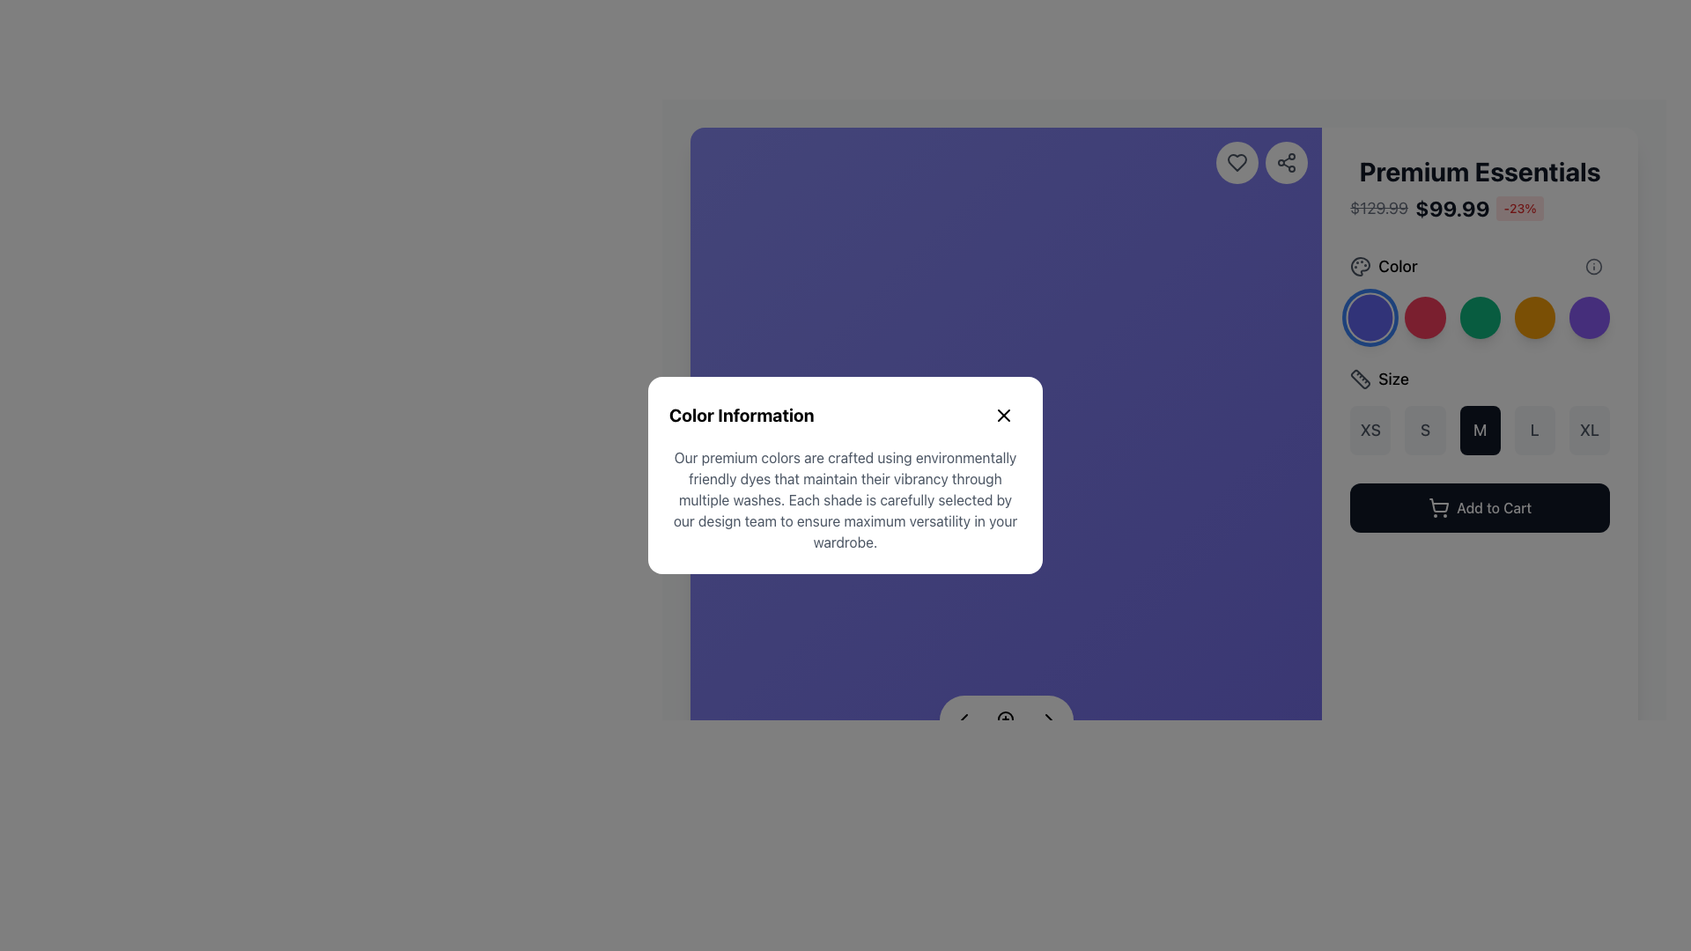  I want to click on the Text Label that displays the product title, positioned at the top right of the product detail page, above the pricing details and next to color and size options, so click(1480, 172).